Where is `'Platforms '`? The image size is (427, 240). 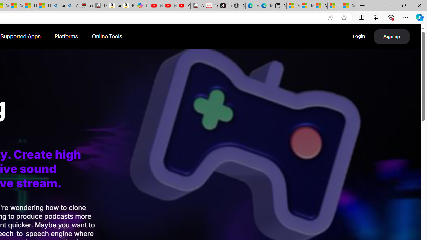
'Platforms ' is located at coordinates (67, 36).